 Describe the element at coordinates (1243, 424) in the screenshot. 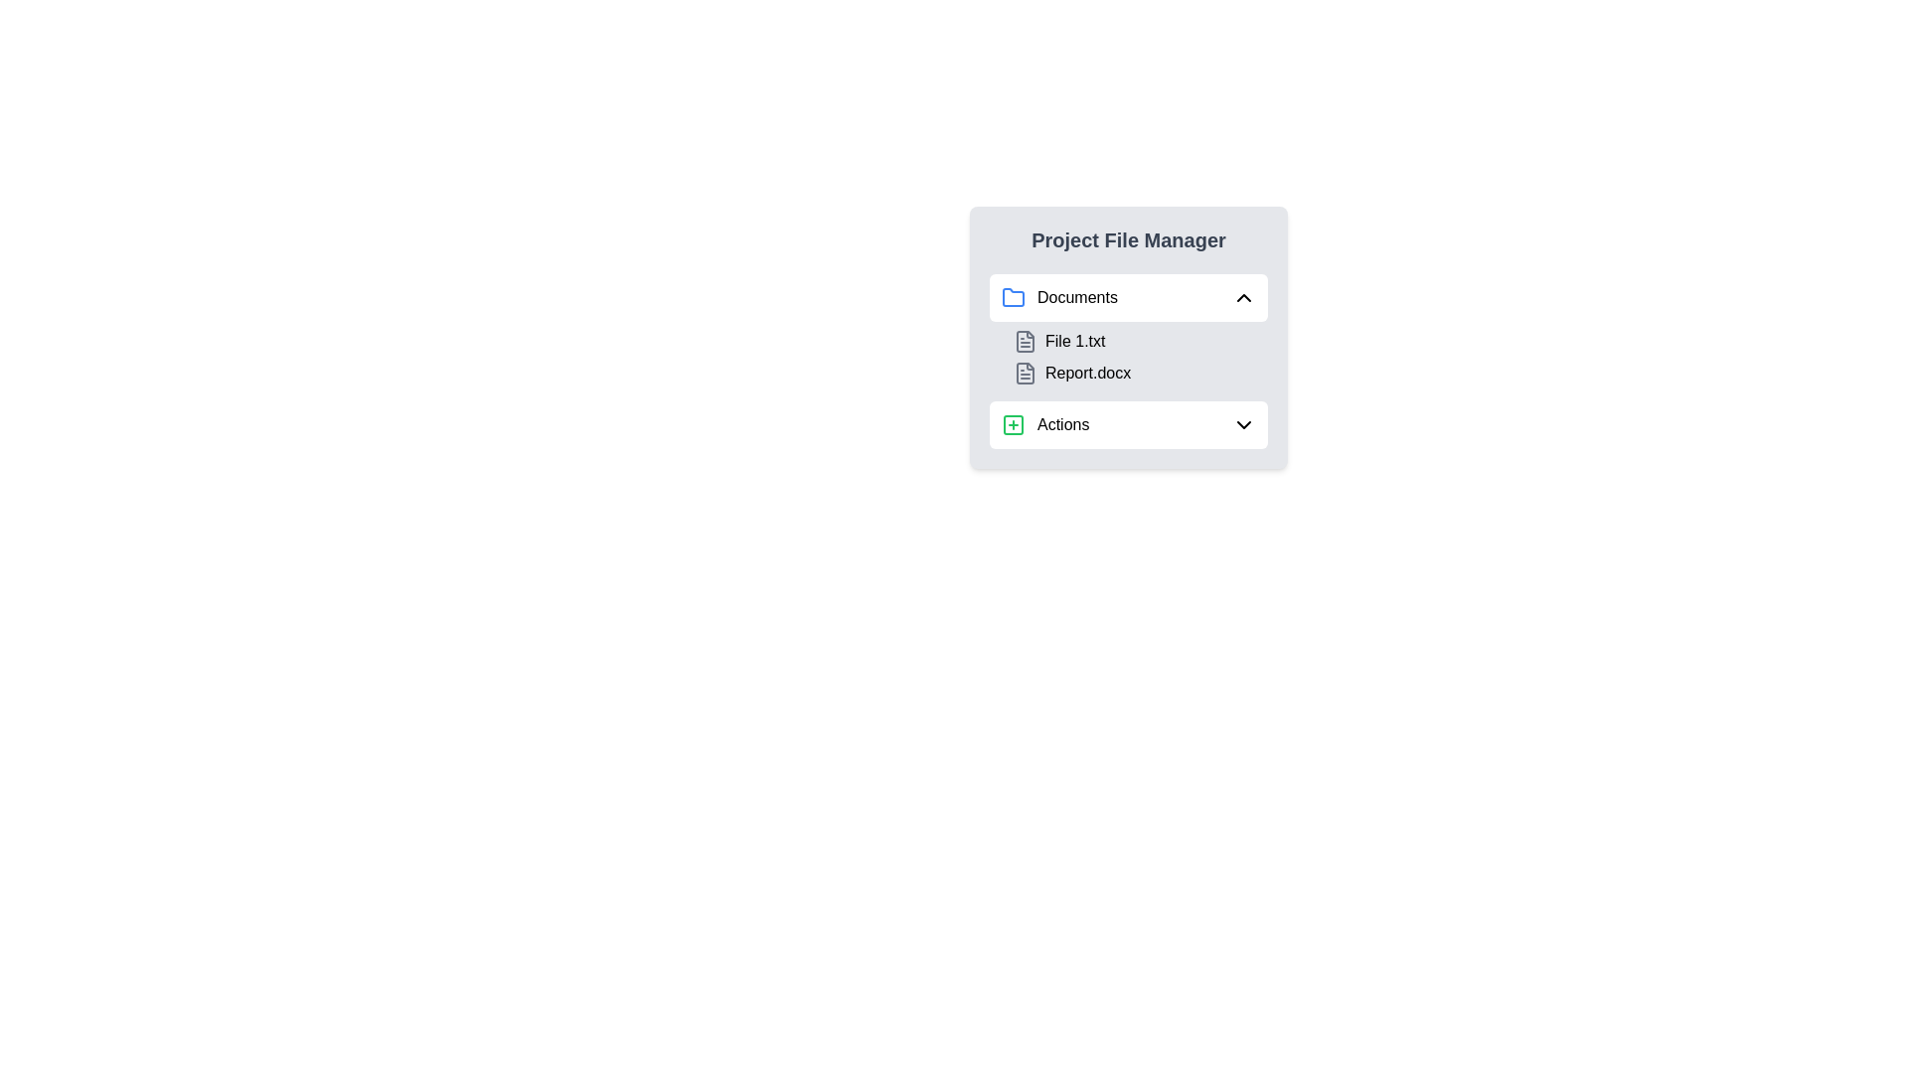

I see `the Chevron icon located within the 'Actions' section` at that location.